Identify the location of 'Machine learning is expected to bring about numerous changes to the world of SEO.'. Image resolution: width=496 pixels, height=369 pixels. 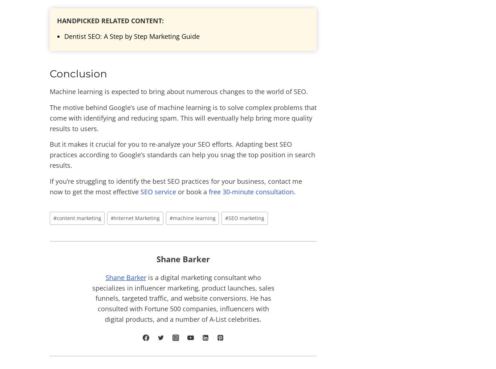
(179, 91).